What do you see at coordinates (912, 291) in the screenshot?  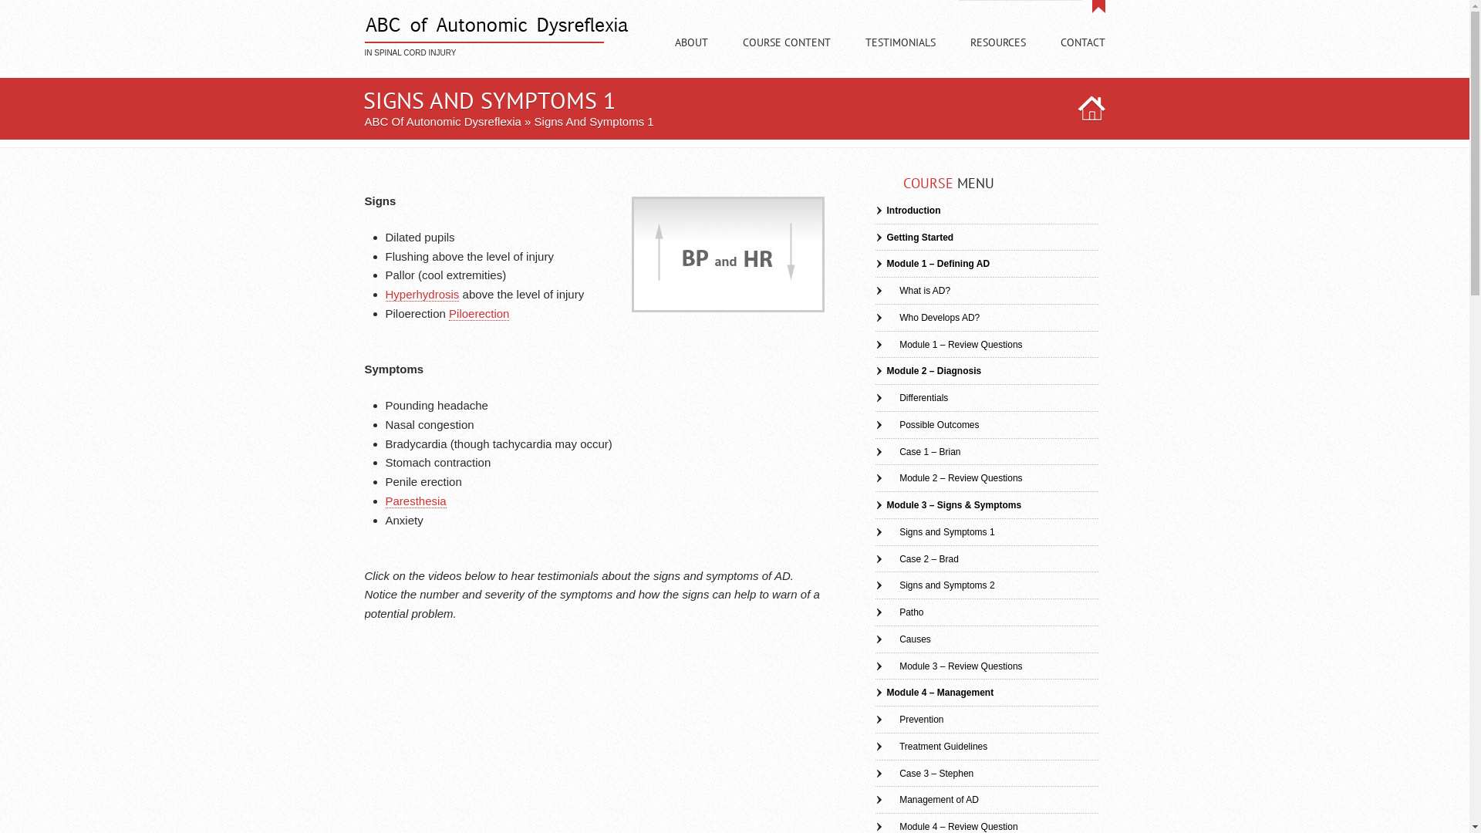 I see `'     What is AD?'` at bounding box center [912, 291].